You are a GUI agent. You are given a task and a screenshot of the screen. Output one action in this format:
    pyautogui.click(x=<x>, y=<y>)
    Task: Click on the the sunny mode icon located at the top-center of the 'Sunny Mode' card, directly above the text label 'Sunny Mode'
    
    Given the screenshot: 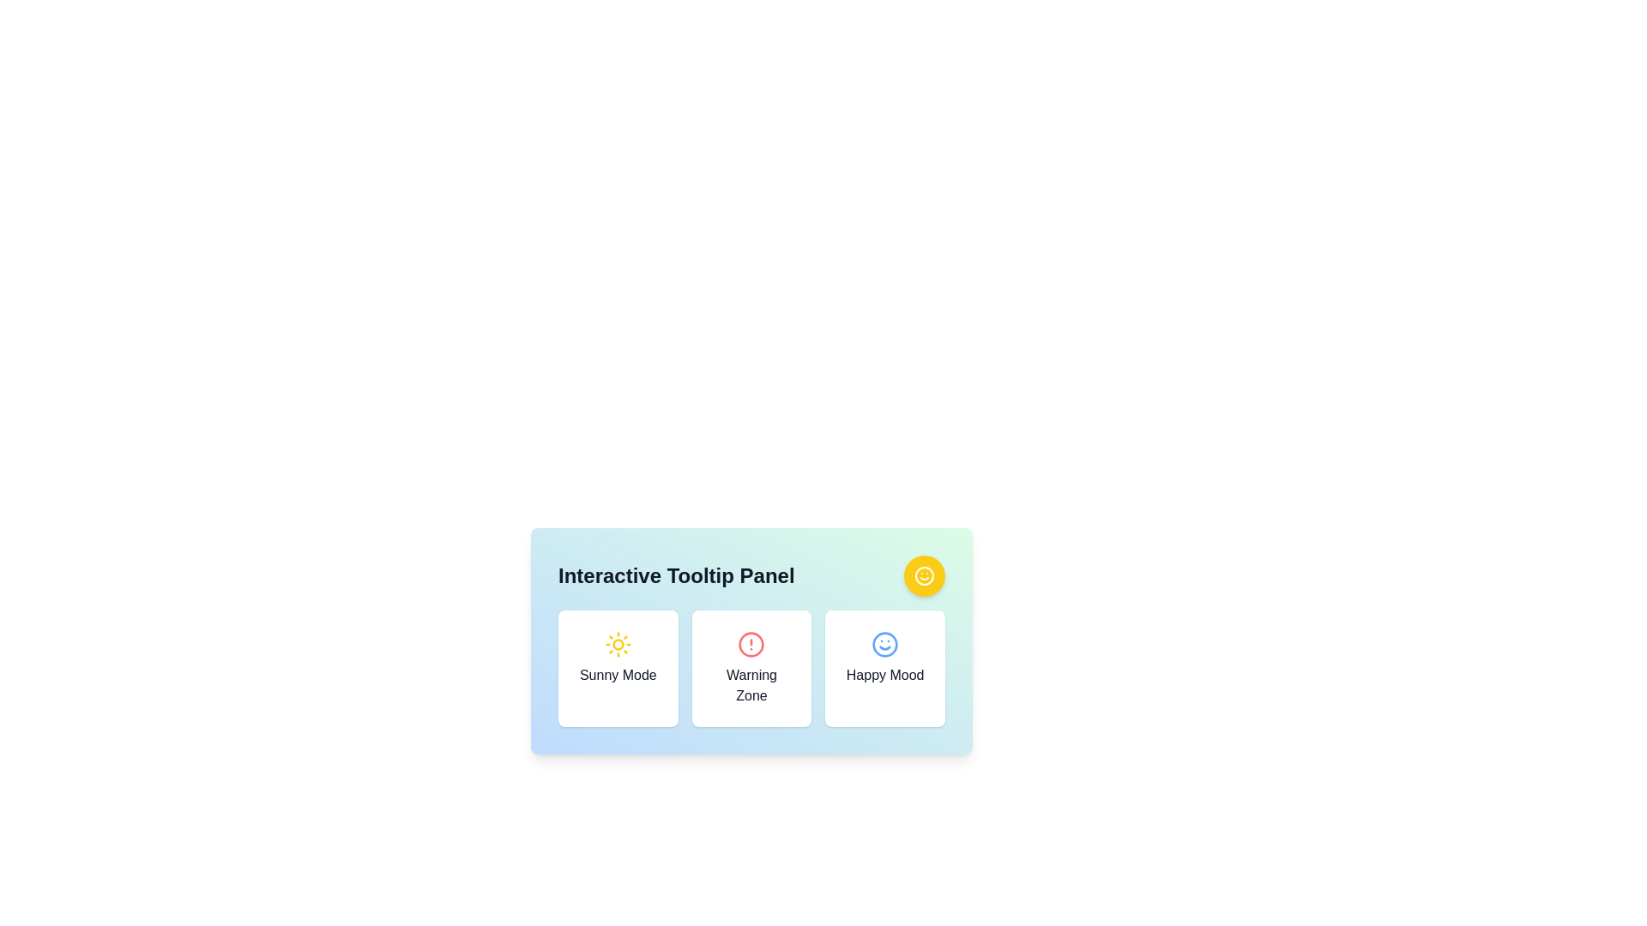 What is the action you would take?
    pyautogui.click(x=618, y=645)
    